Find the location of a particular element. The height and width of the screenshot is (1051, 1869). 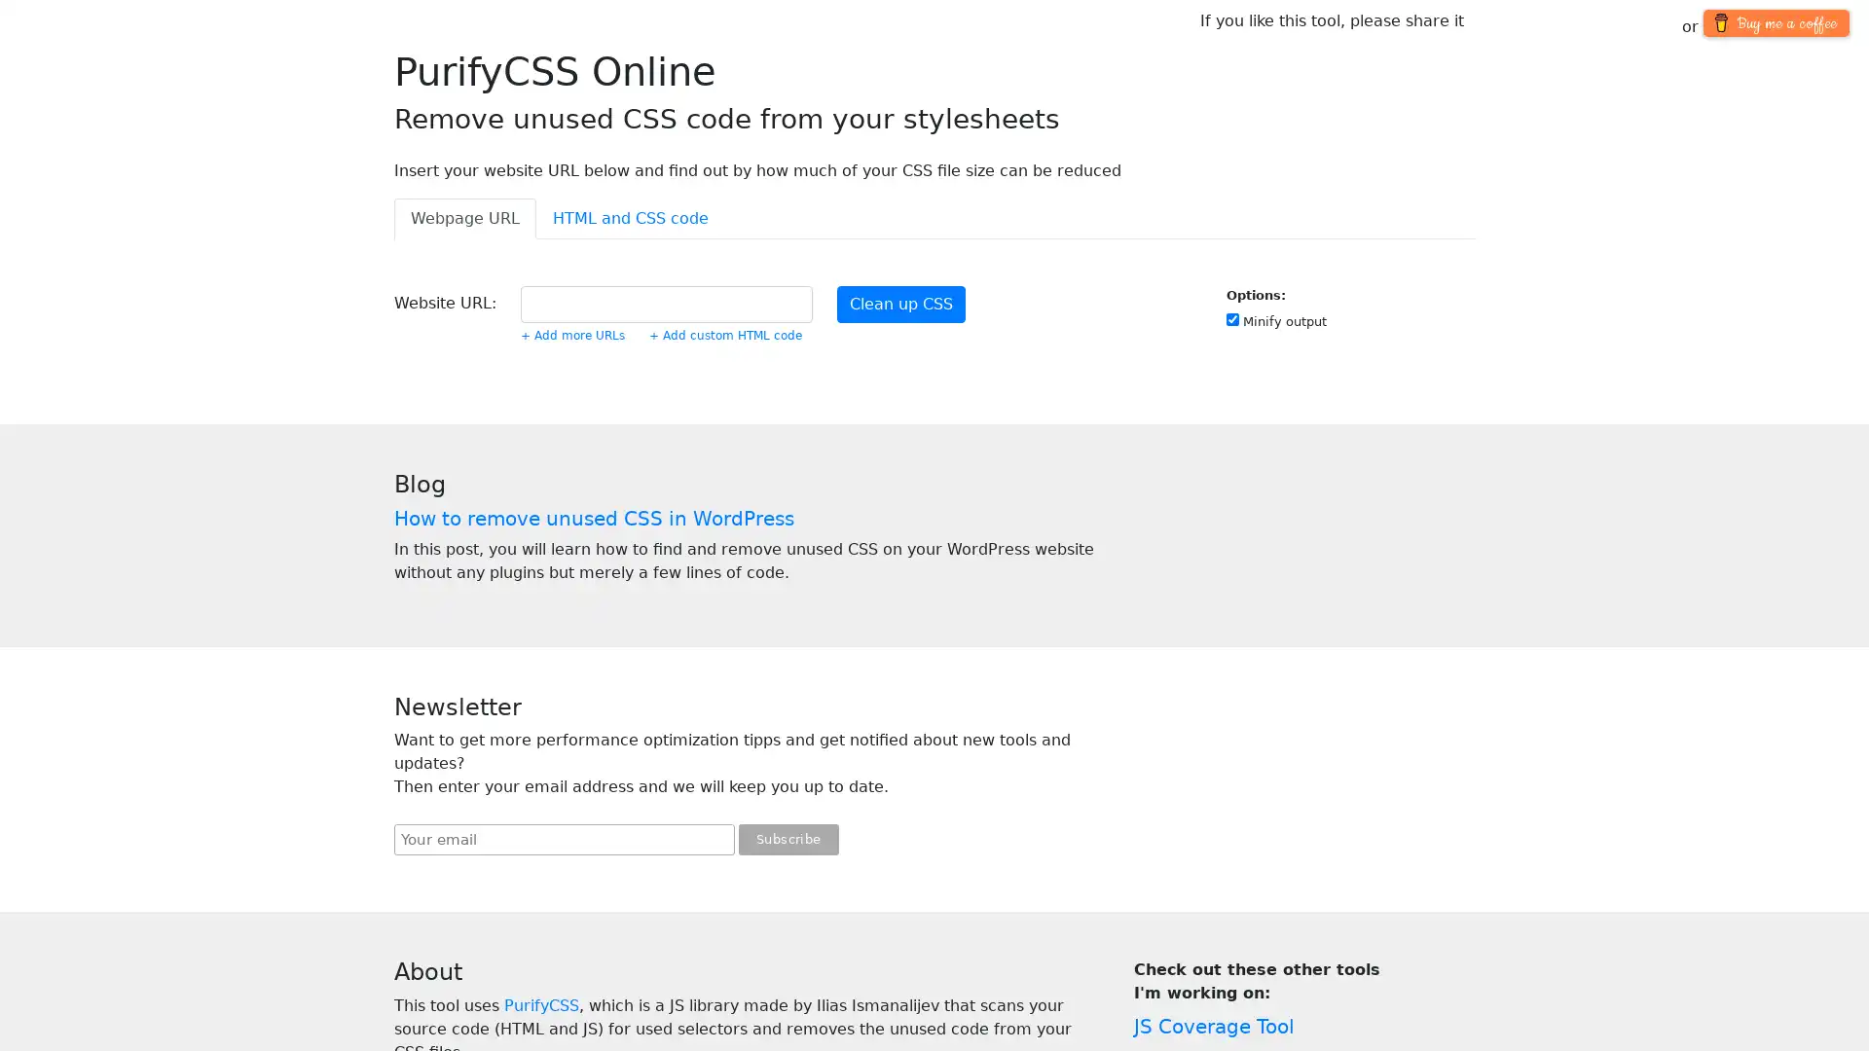

Subscribe is located at coordinates (788, 839).